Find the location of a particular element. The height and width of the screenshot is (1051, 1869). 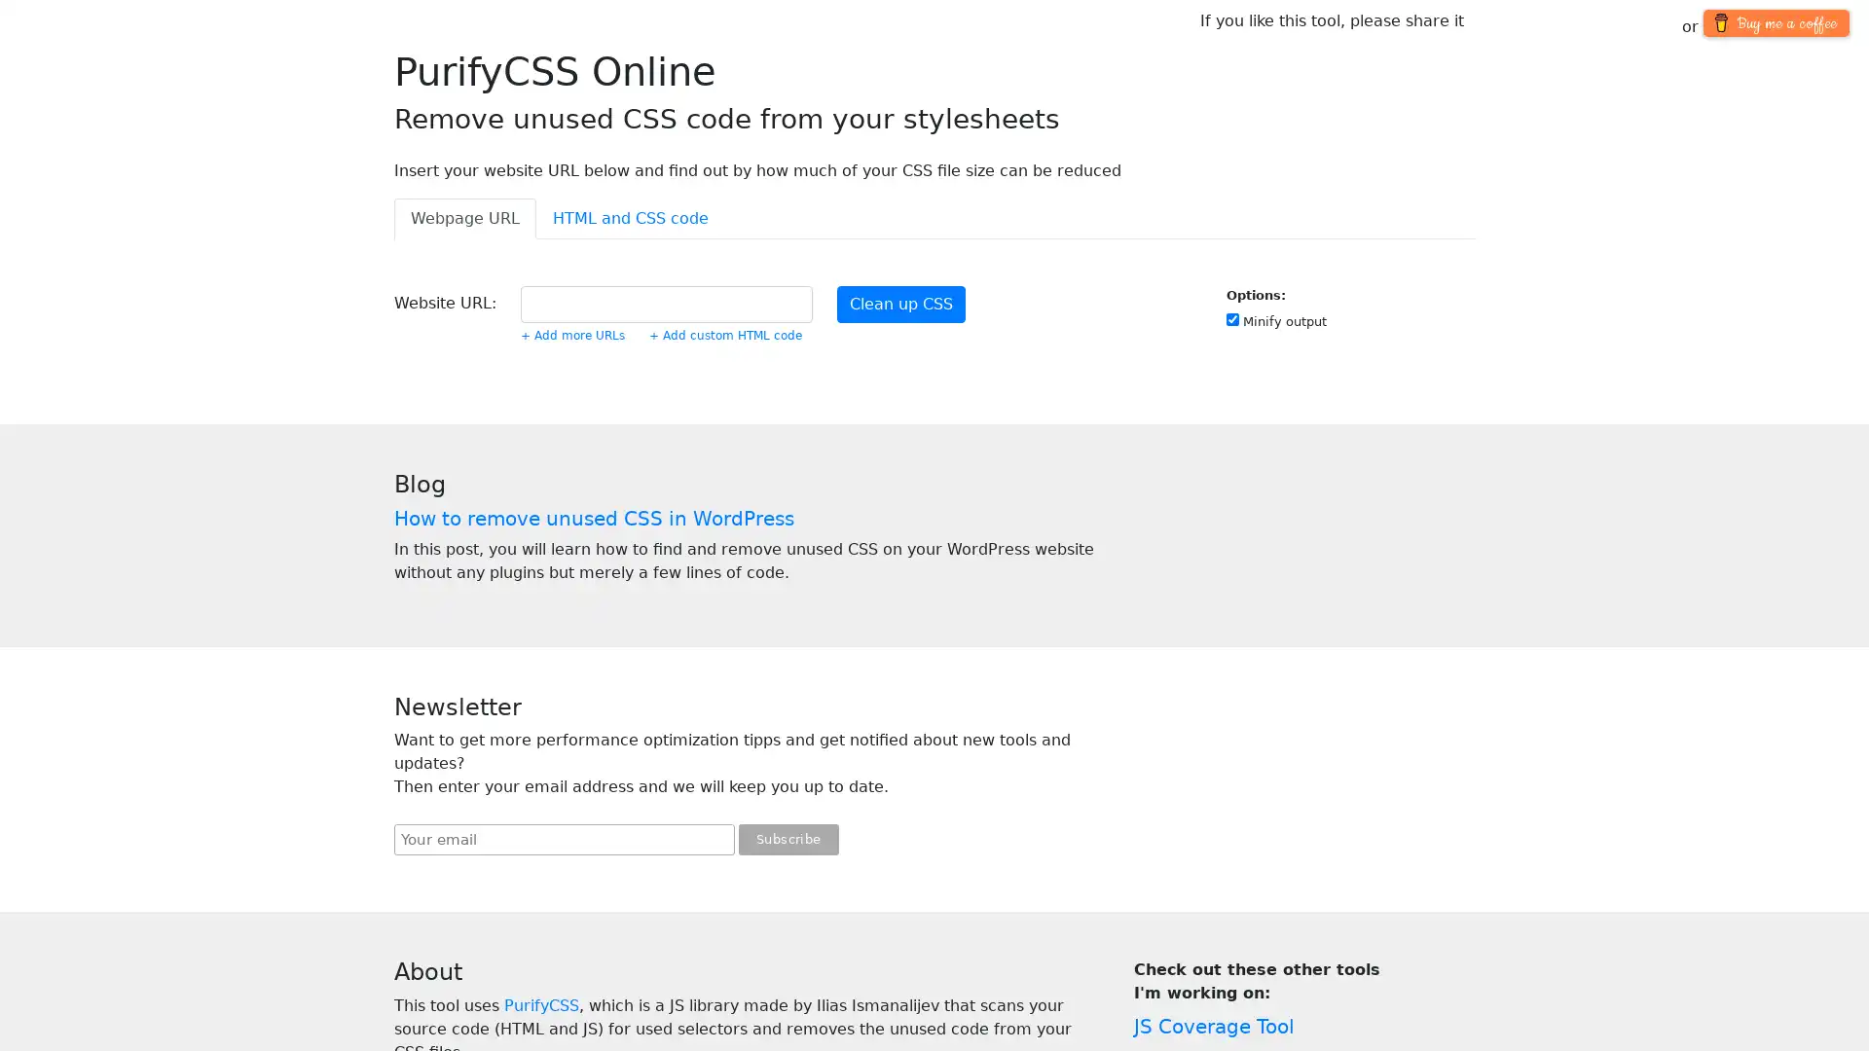

Subscribe is located at coordinates (788, 839).